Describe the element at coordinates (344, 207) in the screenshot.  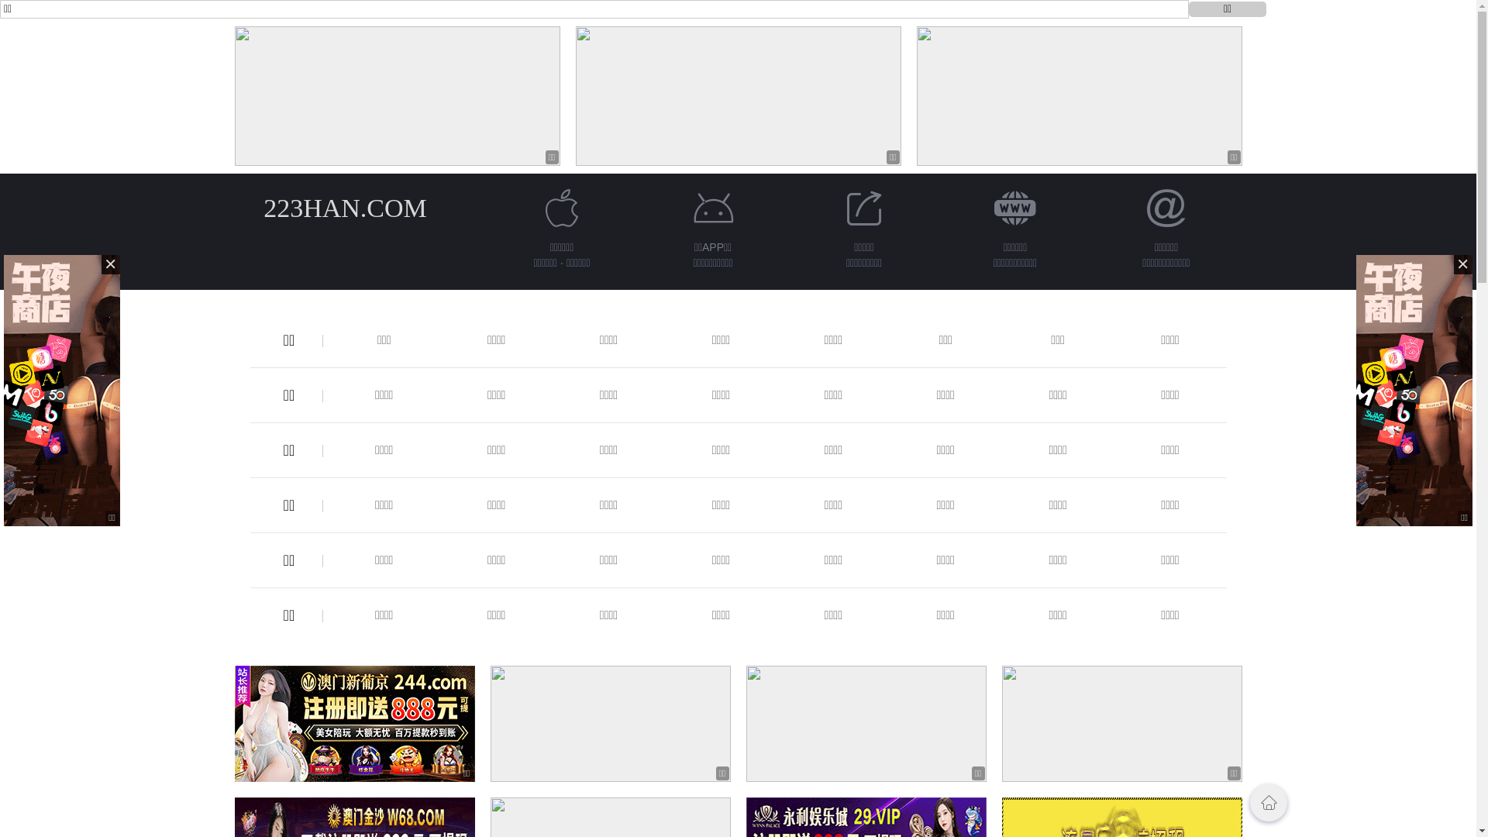
I see `'223HAN.COM'` at that location.